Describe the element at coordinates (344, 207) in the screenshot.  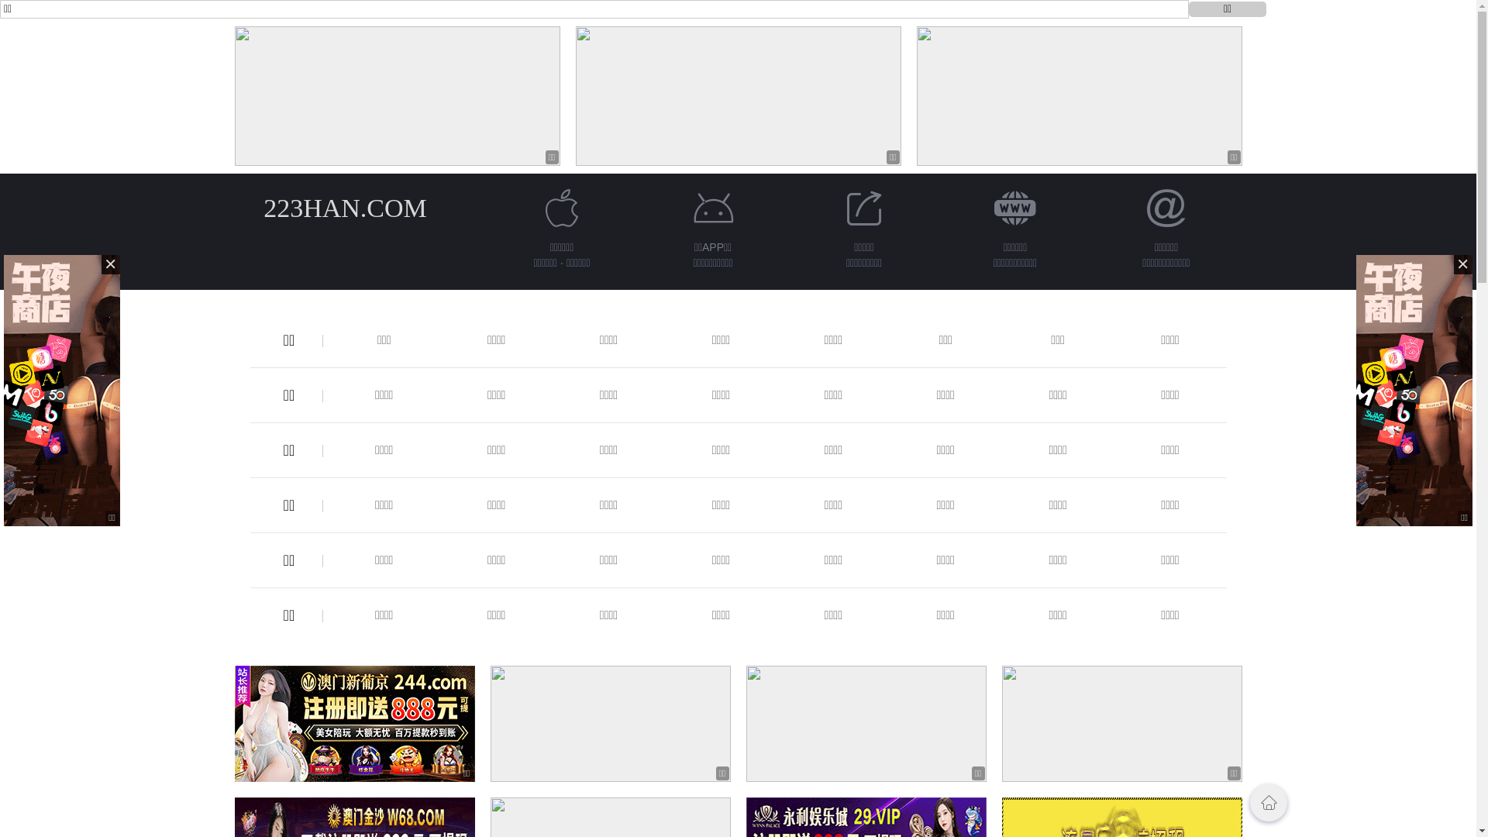
I see `'223HAN.COM'` at that location.